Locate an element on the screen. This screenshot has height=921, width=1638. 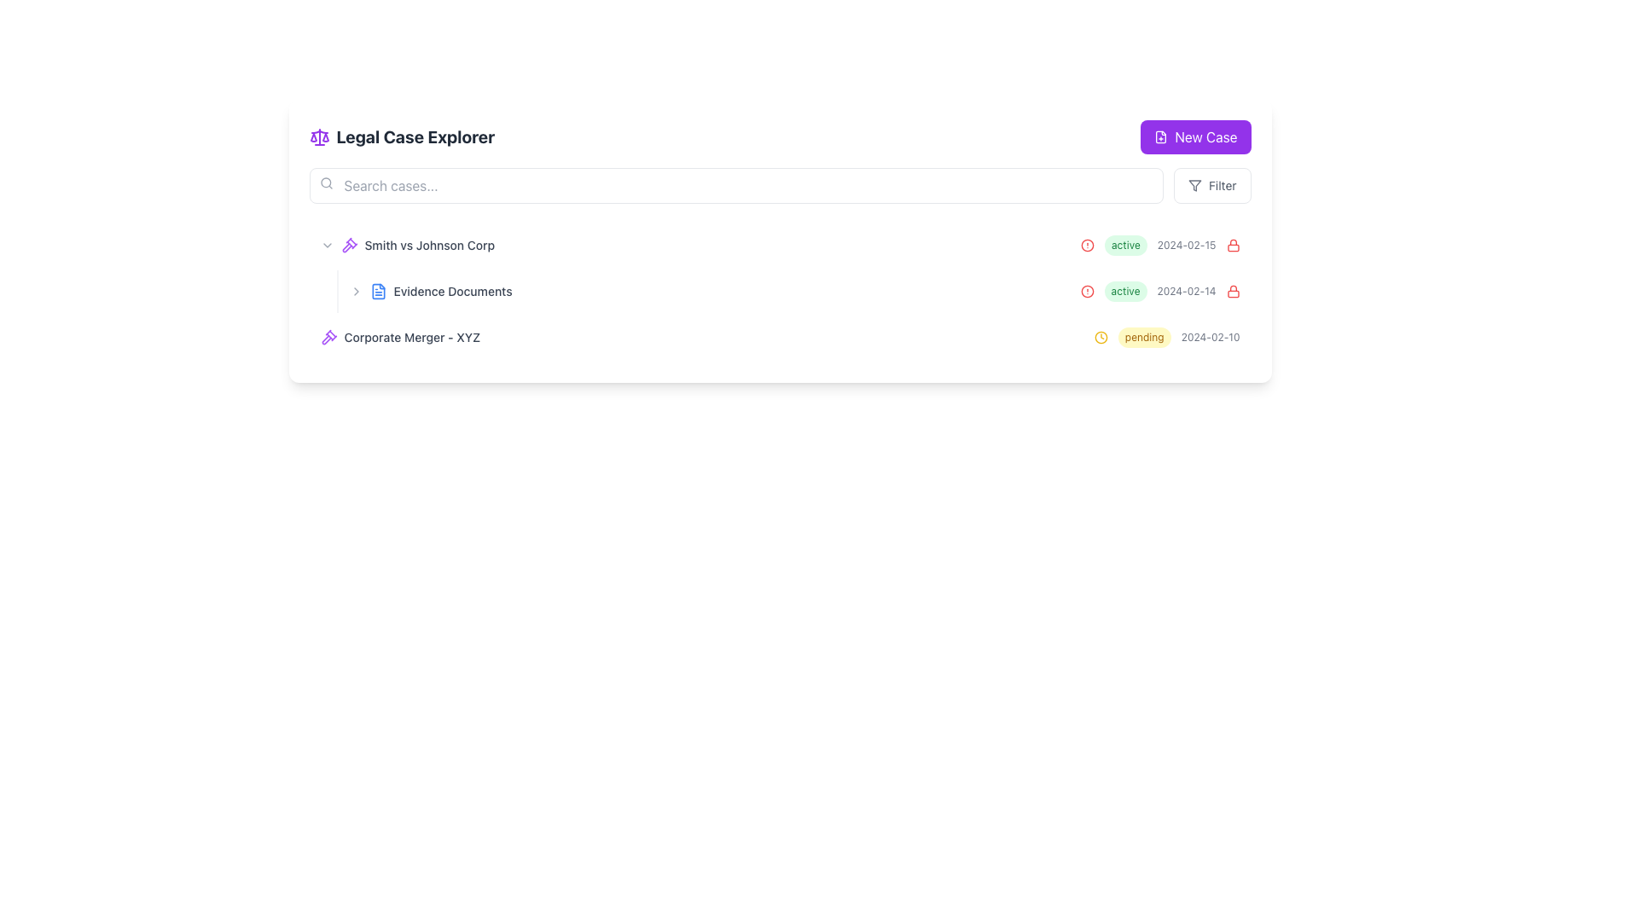
the static text label displaying 'Smith vs Johnson Corp', which is styled in medium gray and located in the central portion of the interface, following a gavel icon is located at coordinates (429, 246).